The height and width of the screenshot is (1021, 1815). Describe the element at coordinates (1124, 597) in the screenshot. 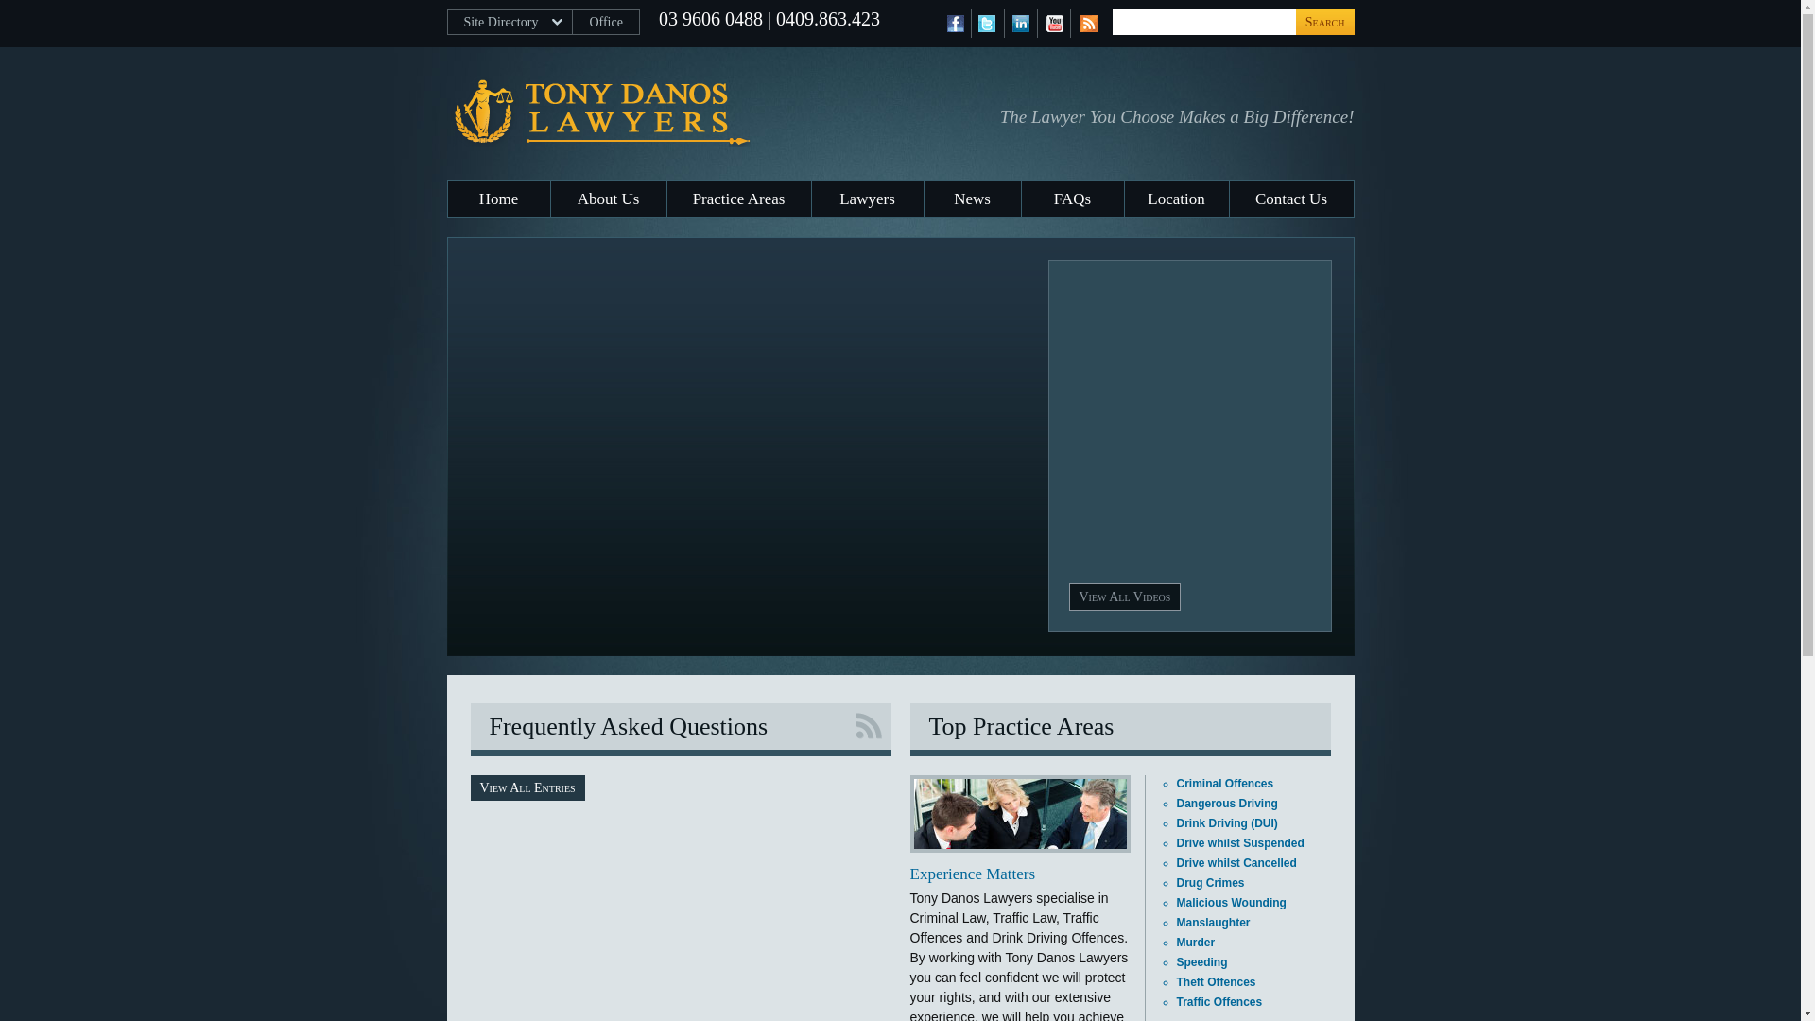

I see `'View All Videos'` at that location.